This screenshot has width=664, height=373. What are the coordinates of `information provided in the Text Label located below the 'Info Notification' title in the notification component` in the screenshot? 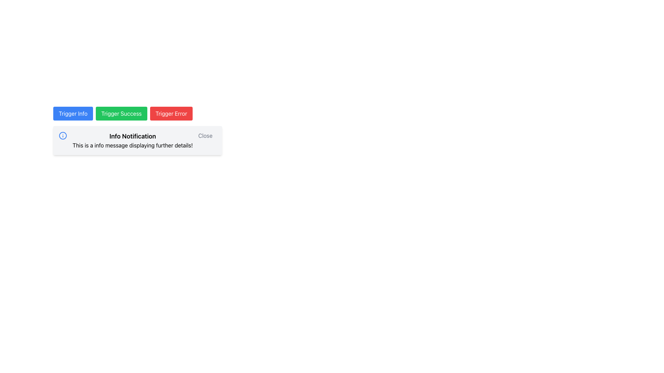 It's located at (132, 145).